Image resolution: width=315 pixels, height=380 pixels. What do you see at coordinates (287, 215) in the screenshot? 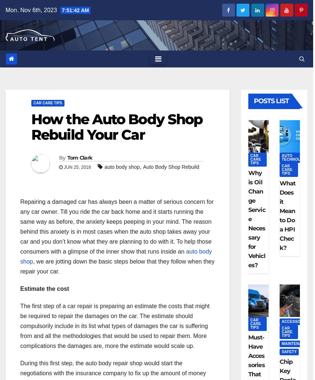
I see `'What Does it Mean to Do a HPI Check?'` at bounding box center [287, 215].